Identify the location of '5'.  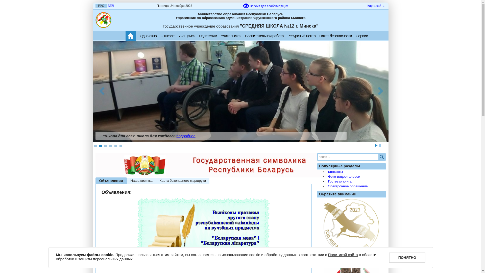
(115, 146).